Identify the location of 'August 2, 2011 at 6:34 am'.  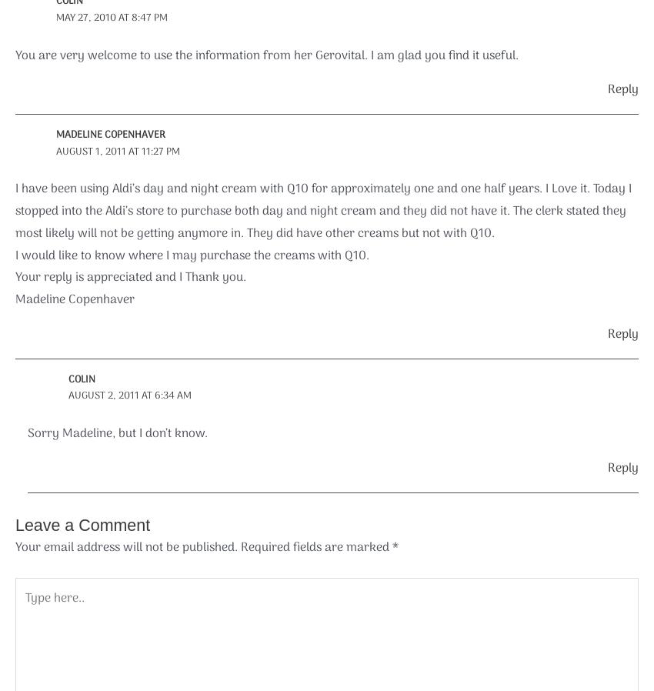
(128, 395).